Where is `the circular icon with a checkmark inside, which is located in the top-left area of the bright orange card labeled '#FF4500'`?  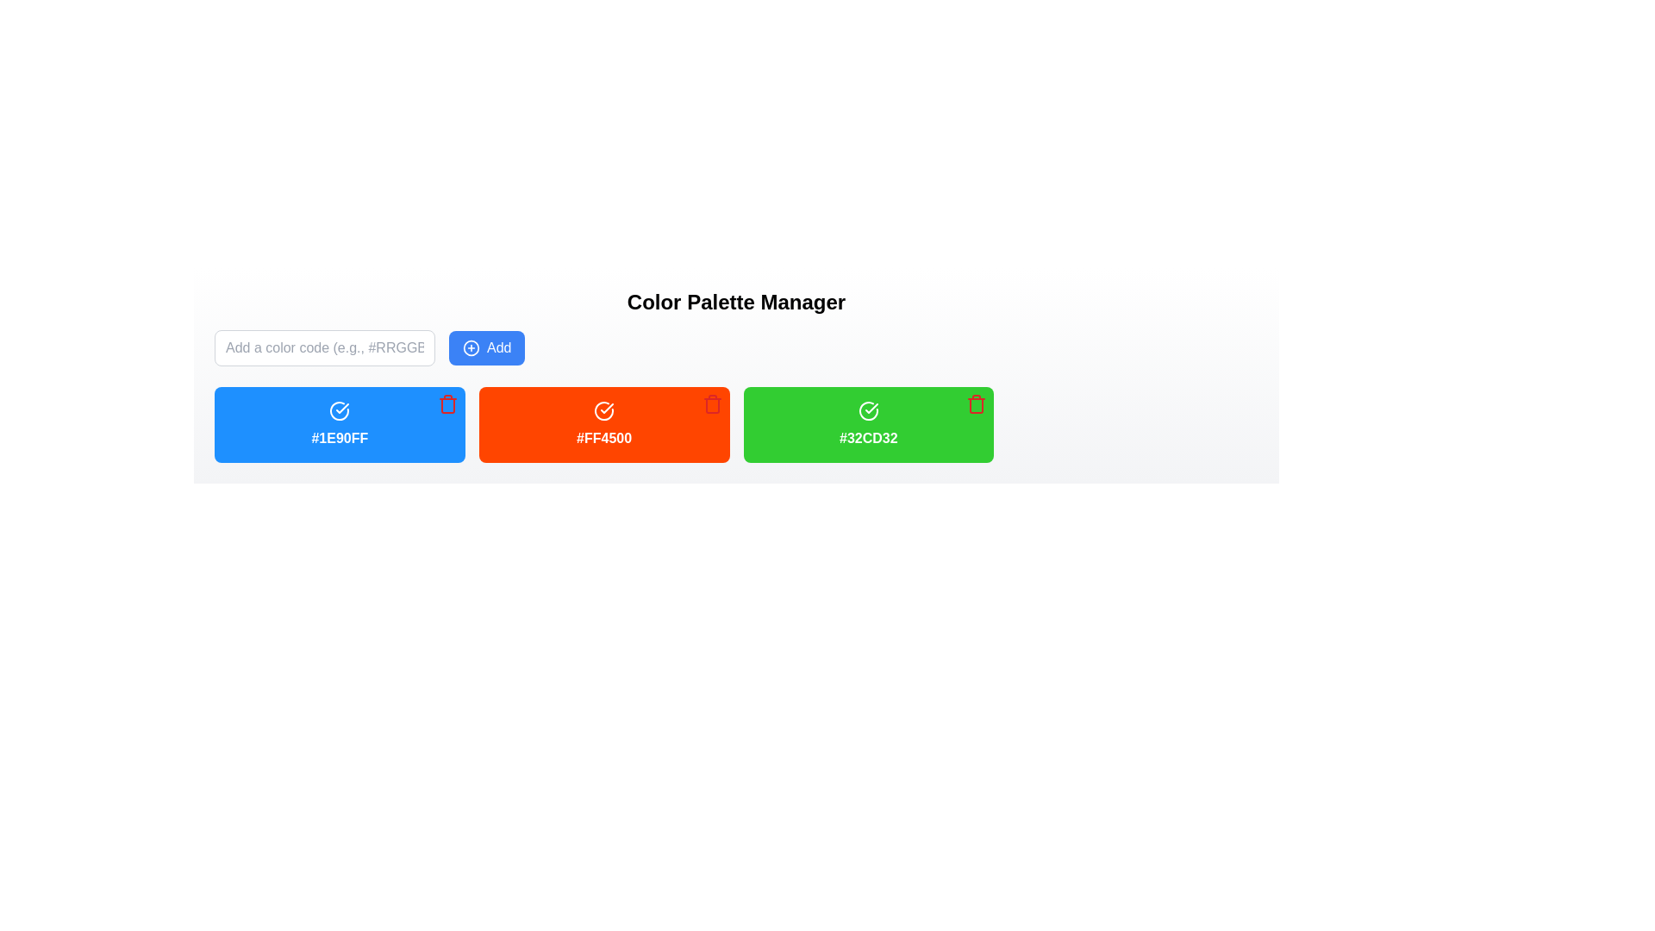
the circular icon with a checkmark inside, which is located in the top-left area of the bright orange card labeled '#FF4500' is located at coordinates (604, 411).